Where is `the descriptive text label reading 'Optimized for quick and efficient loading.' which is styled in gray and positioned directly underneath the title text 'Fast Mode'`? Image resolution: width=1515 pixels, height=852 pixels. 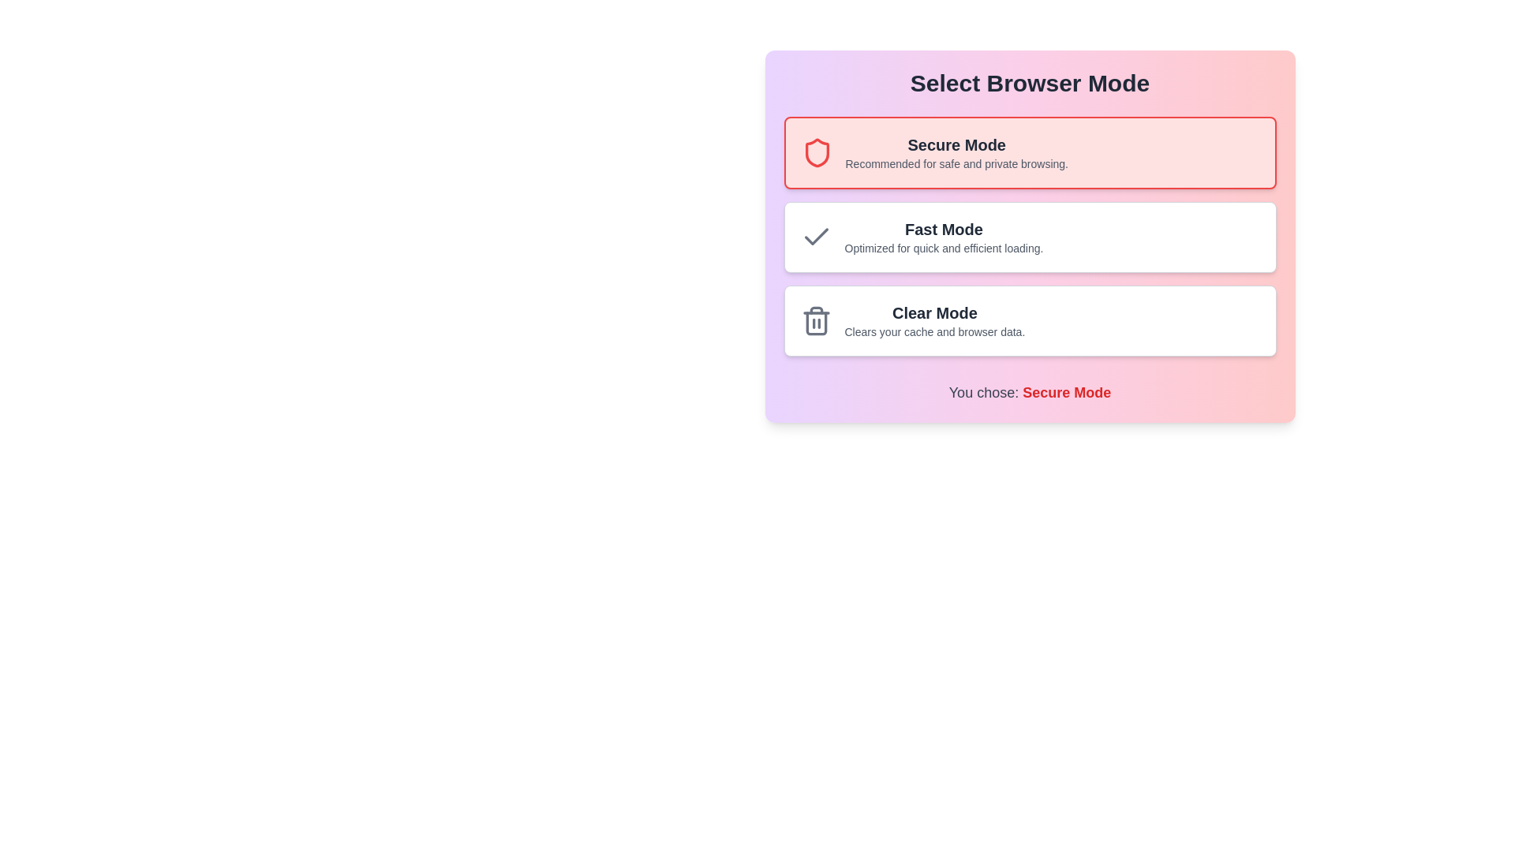
the descriptive text label reading 'Optimized for quick and efficient loading.' which is styled in gray and positioned directly underneath the title text 'Fast Mode' is located at coordinates (944, 248).